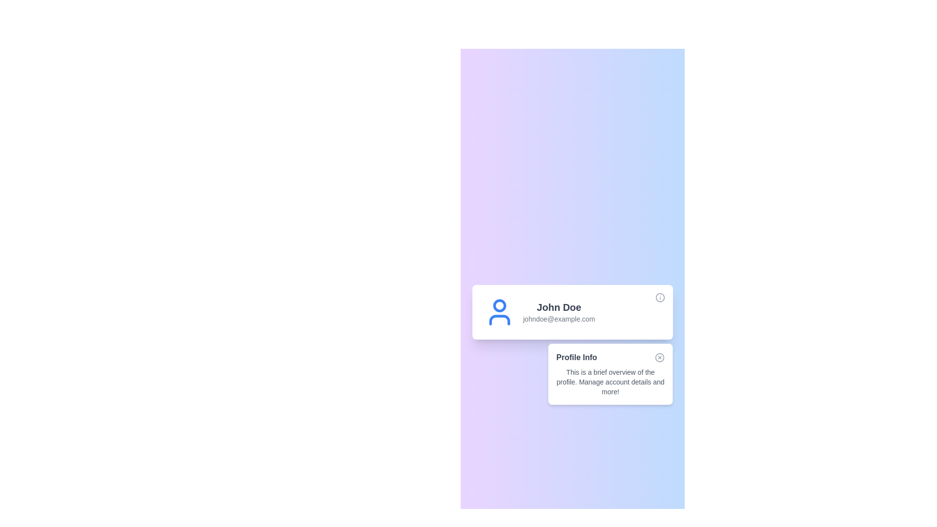 This screenshot has width=937, height=527. I want to click on the user profile icon by clicking on the circular profile graphic located at the top-center area of the user's avatar representation, so click(499, 304).